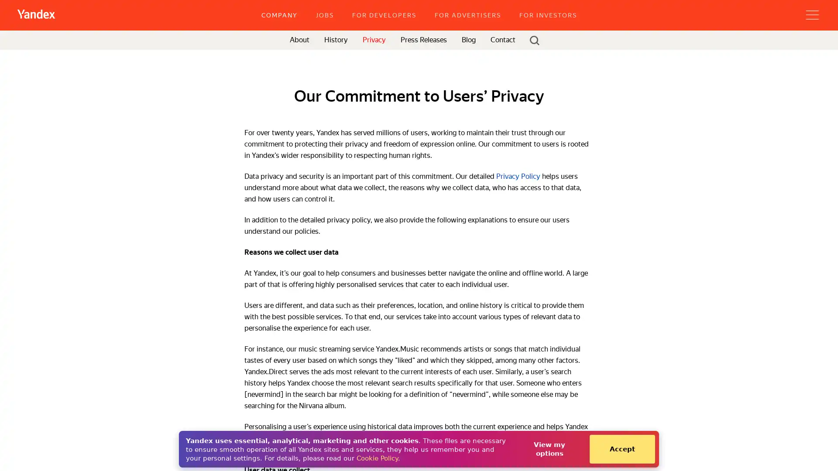 Image resolution: width=838 pixels, height=471 pixels. What do you see at coordinates (622, 449) in the screenshot?
I see `Accept` at bounding box center [622, 449].